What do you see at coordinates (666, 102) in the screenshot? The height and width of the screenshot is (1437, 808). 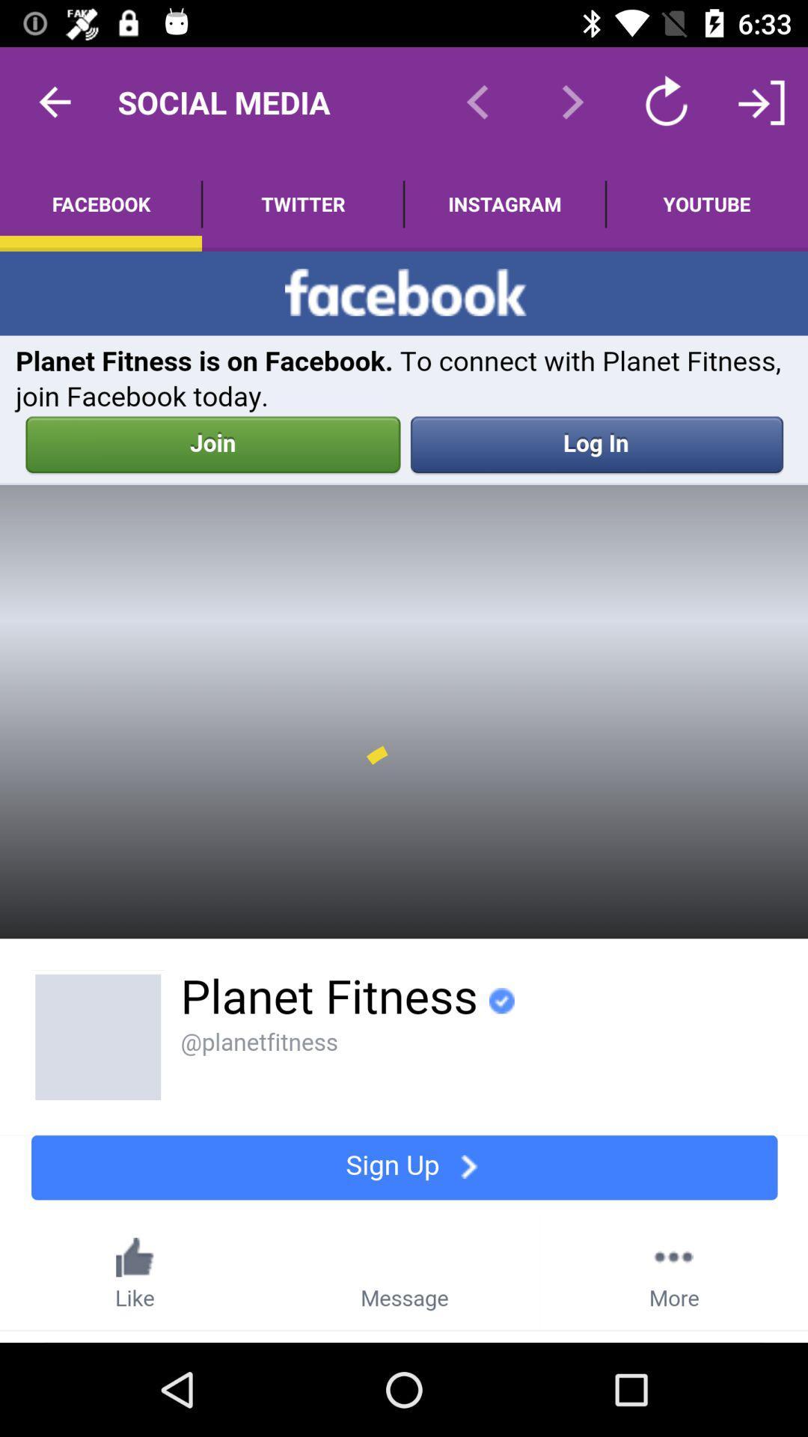 I see `refresh icon which is at the top of the page` at bounding box center [666, 102].